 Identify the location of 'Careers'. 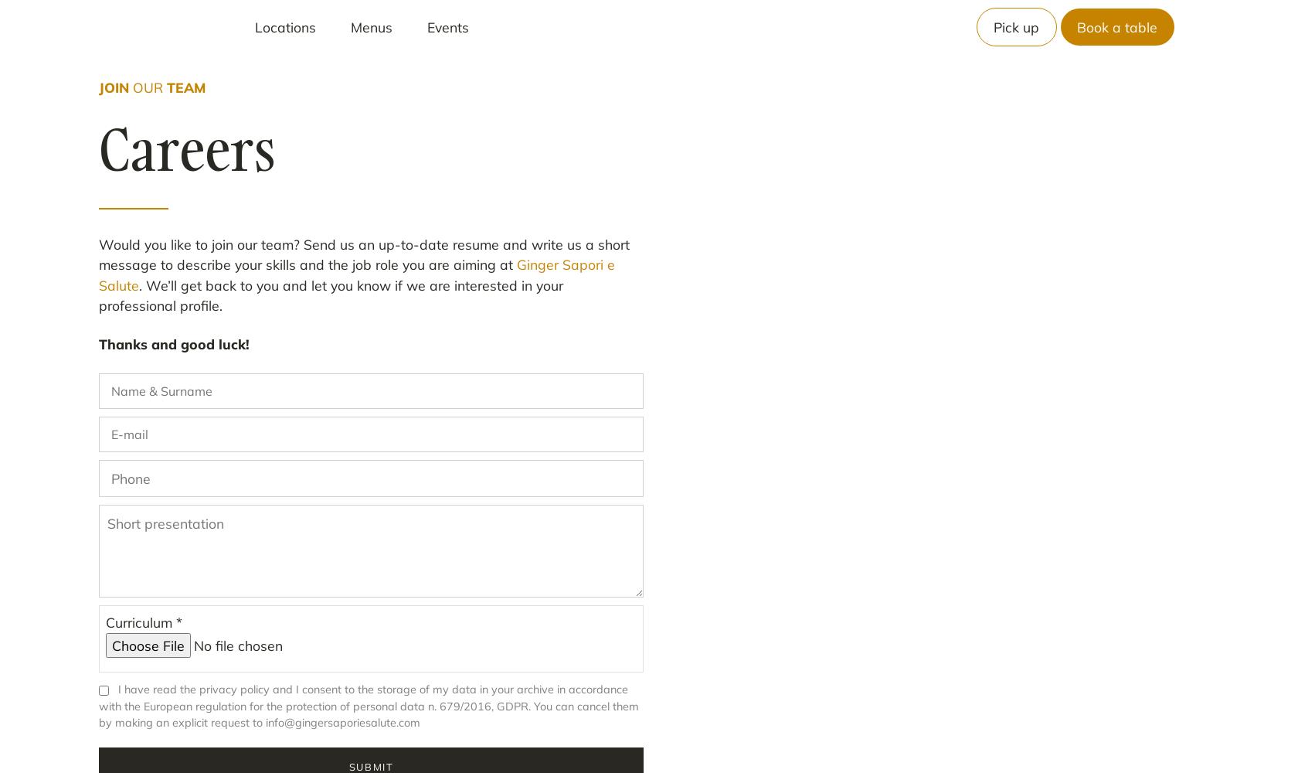
(186, 148).